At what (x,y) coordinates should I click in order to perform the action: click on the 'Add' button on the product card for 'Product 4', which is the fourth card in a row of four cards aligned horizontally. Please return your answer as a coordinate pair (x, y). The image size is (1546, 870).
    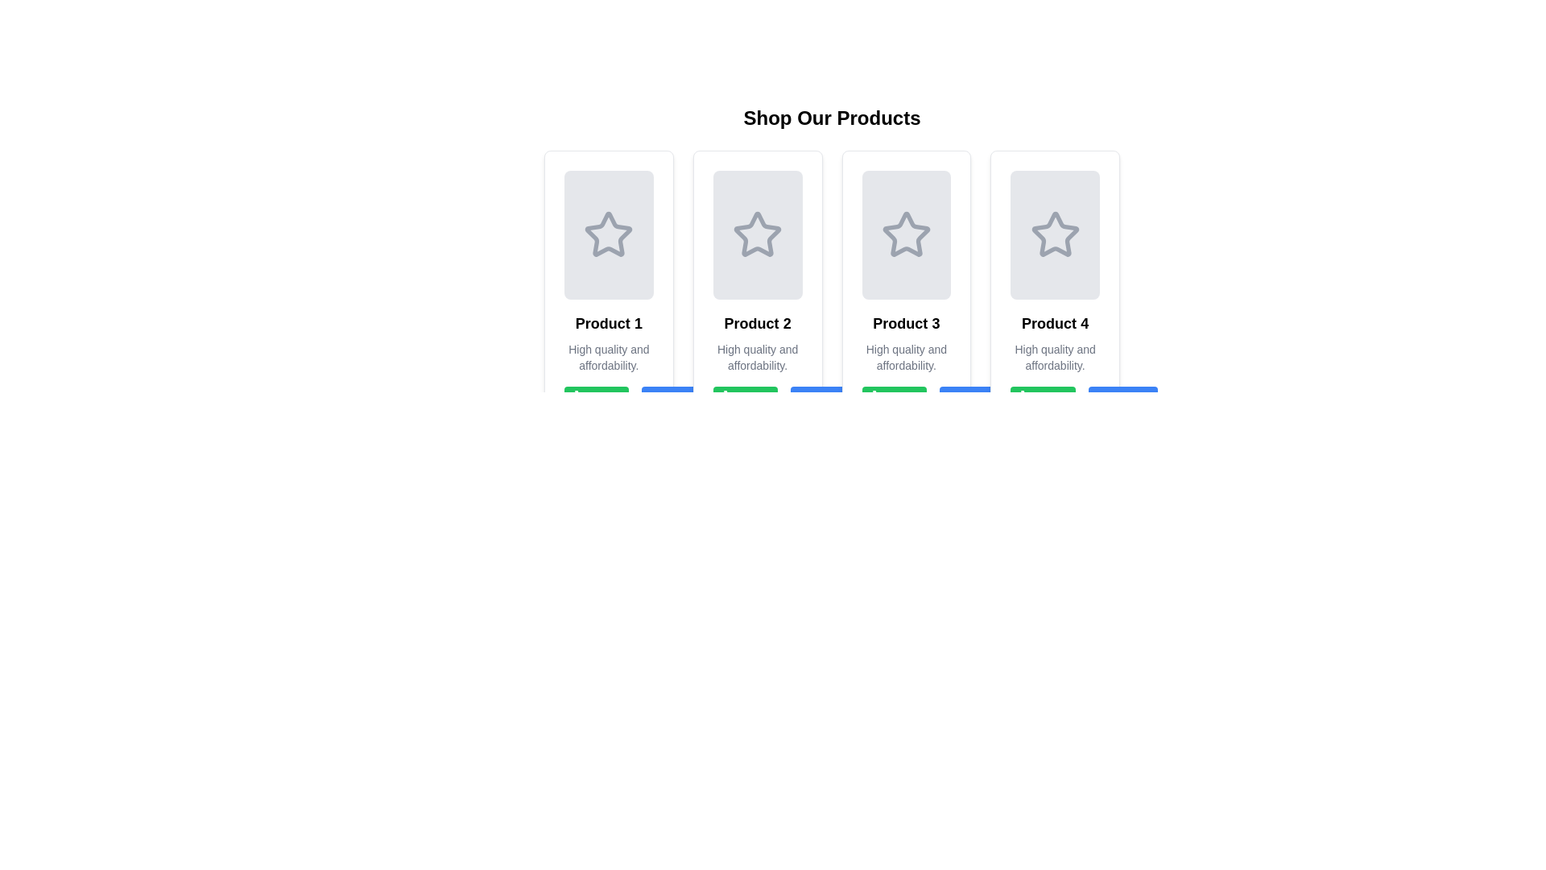
    Looking at the image, I should click on (1055, 292).